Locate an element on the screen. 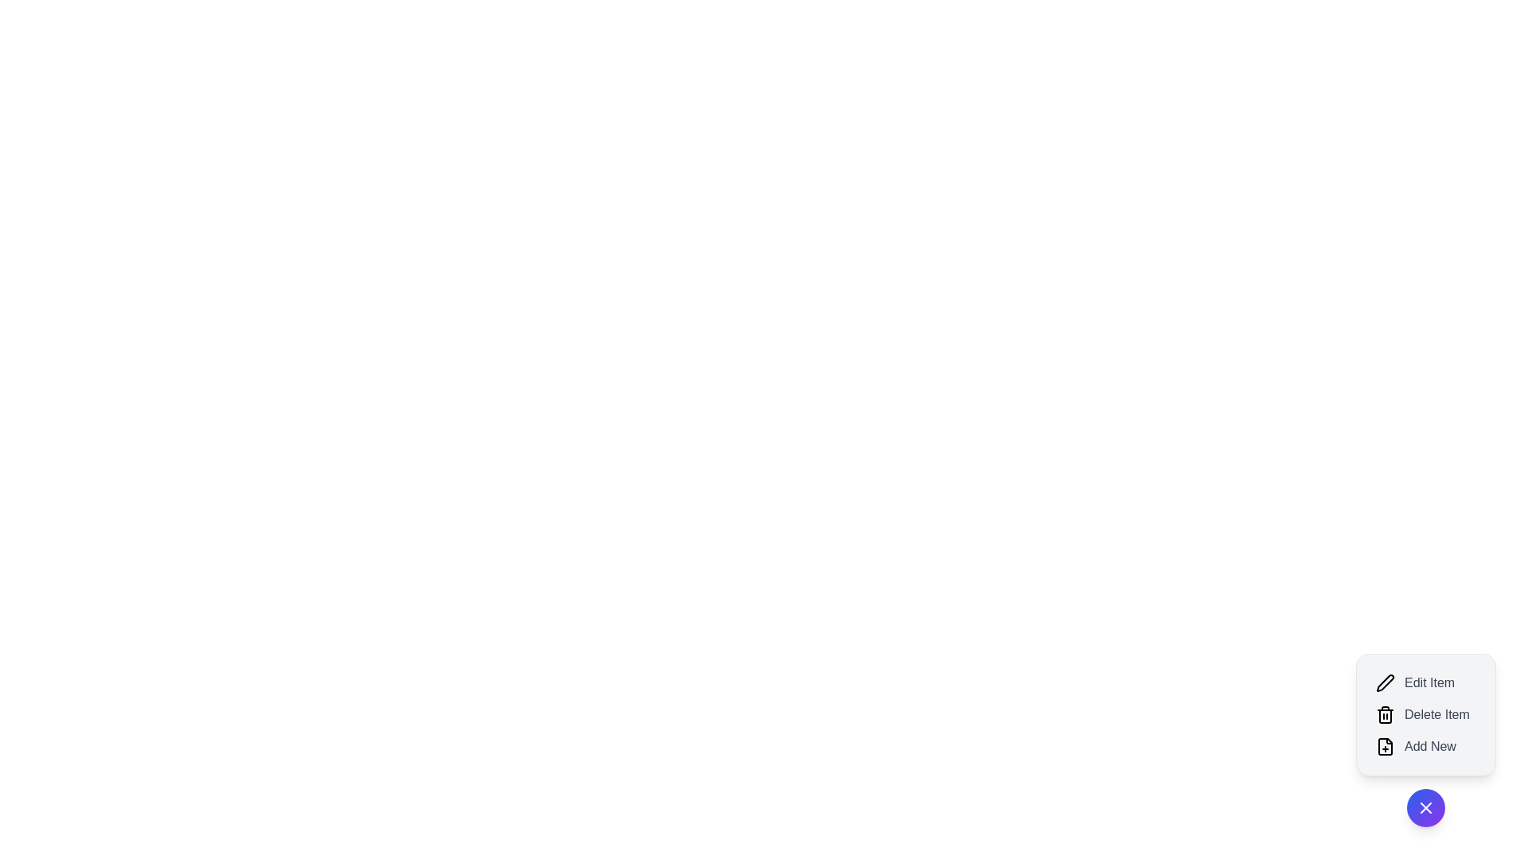 The width and height of the screenshot is (1528, 859). the 'Delete Item' button is located at coordinates (1425, 713).